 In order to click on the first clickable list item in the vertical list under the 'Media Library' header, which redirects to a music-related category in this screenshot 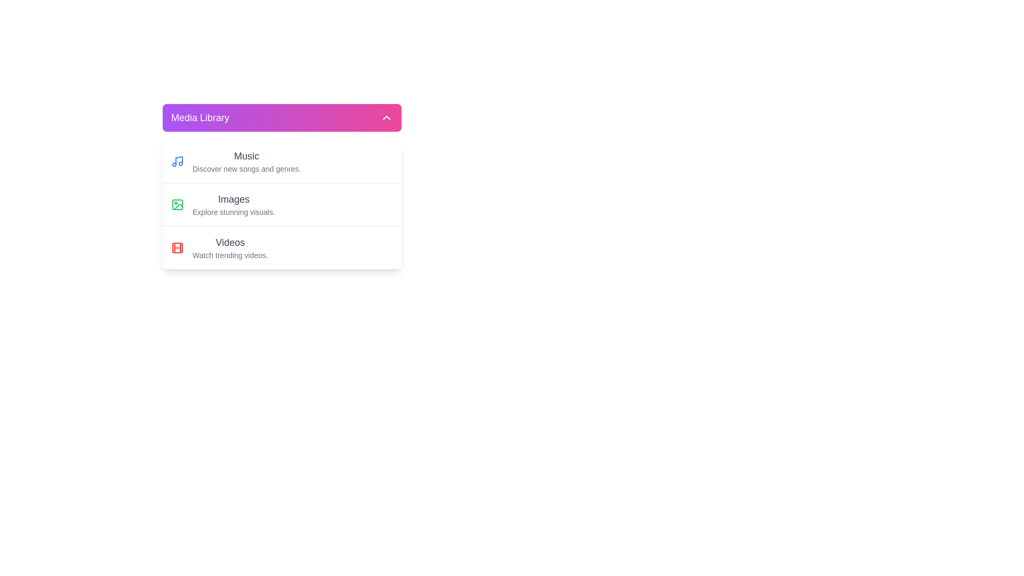, I will do `click(282, 162)`.